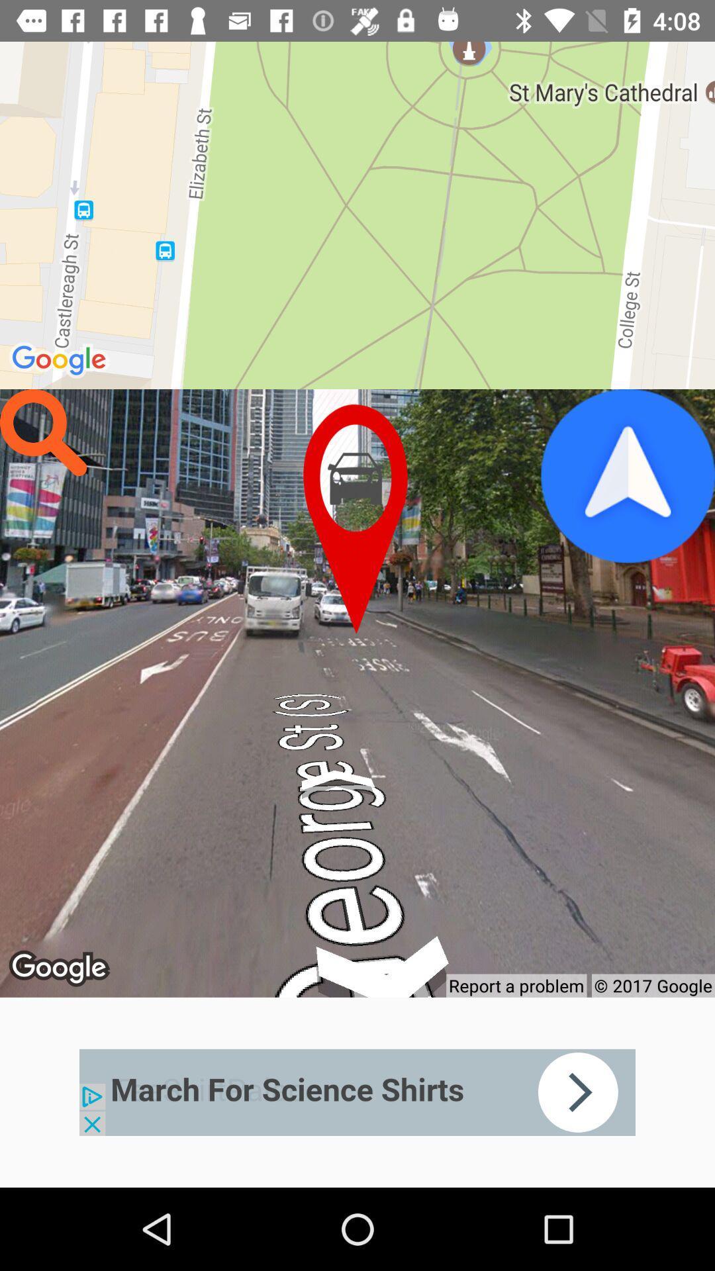 This screenshot has width=715, height=1271. Describe the element at coordinates (358, 518) in the screenshot. I see `location of in simple` at that location.